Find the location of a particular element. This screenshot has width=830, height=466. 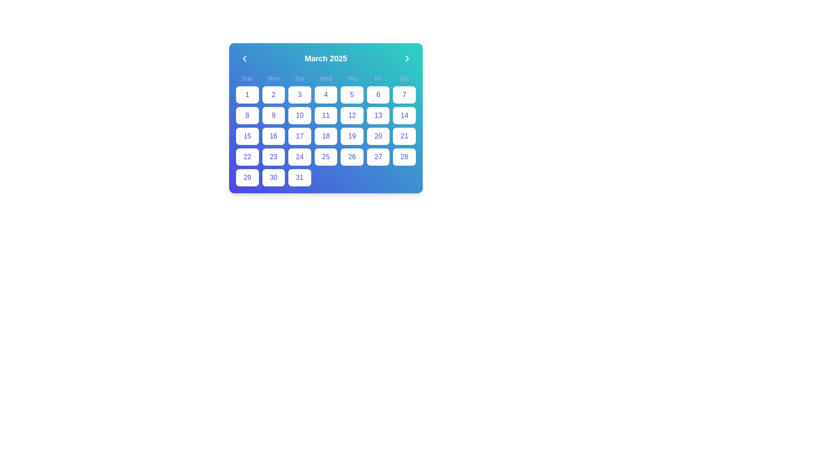

the text label displaying 'Sun' in the calendar header section is located at coordinates (247, 78).